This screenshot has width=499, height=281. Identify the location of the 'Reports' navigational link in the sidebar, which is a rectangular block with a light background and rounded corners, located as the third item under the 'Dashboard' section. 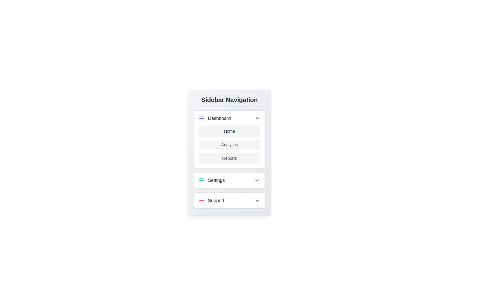
(229, 159).